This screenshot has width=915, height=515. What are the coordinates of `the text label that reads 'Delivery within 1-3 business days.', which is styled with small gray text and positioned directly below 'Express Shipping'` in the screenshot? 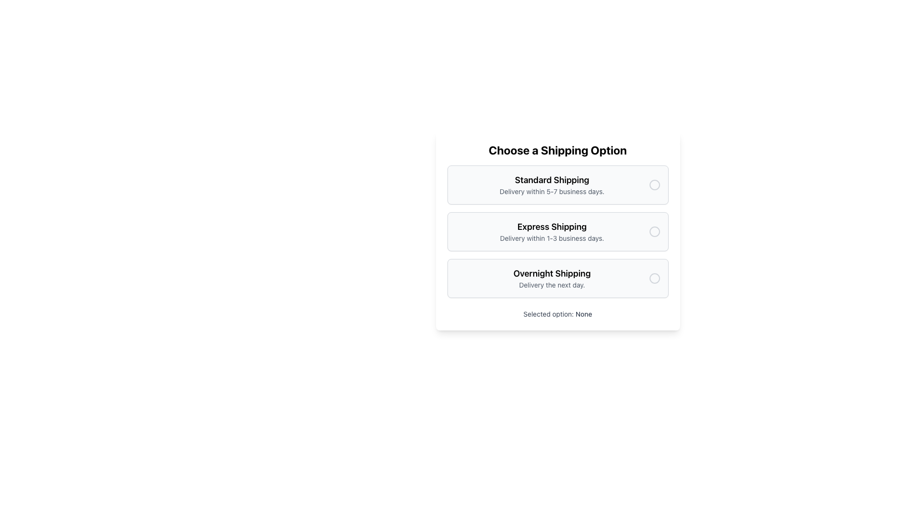 It's located at (552, 238).